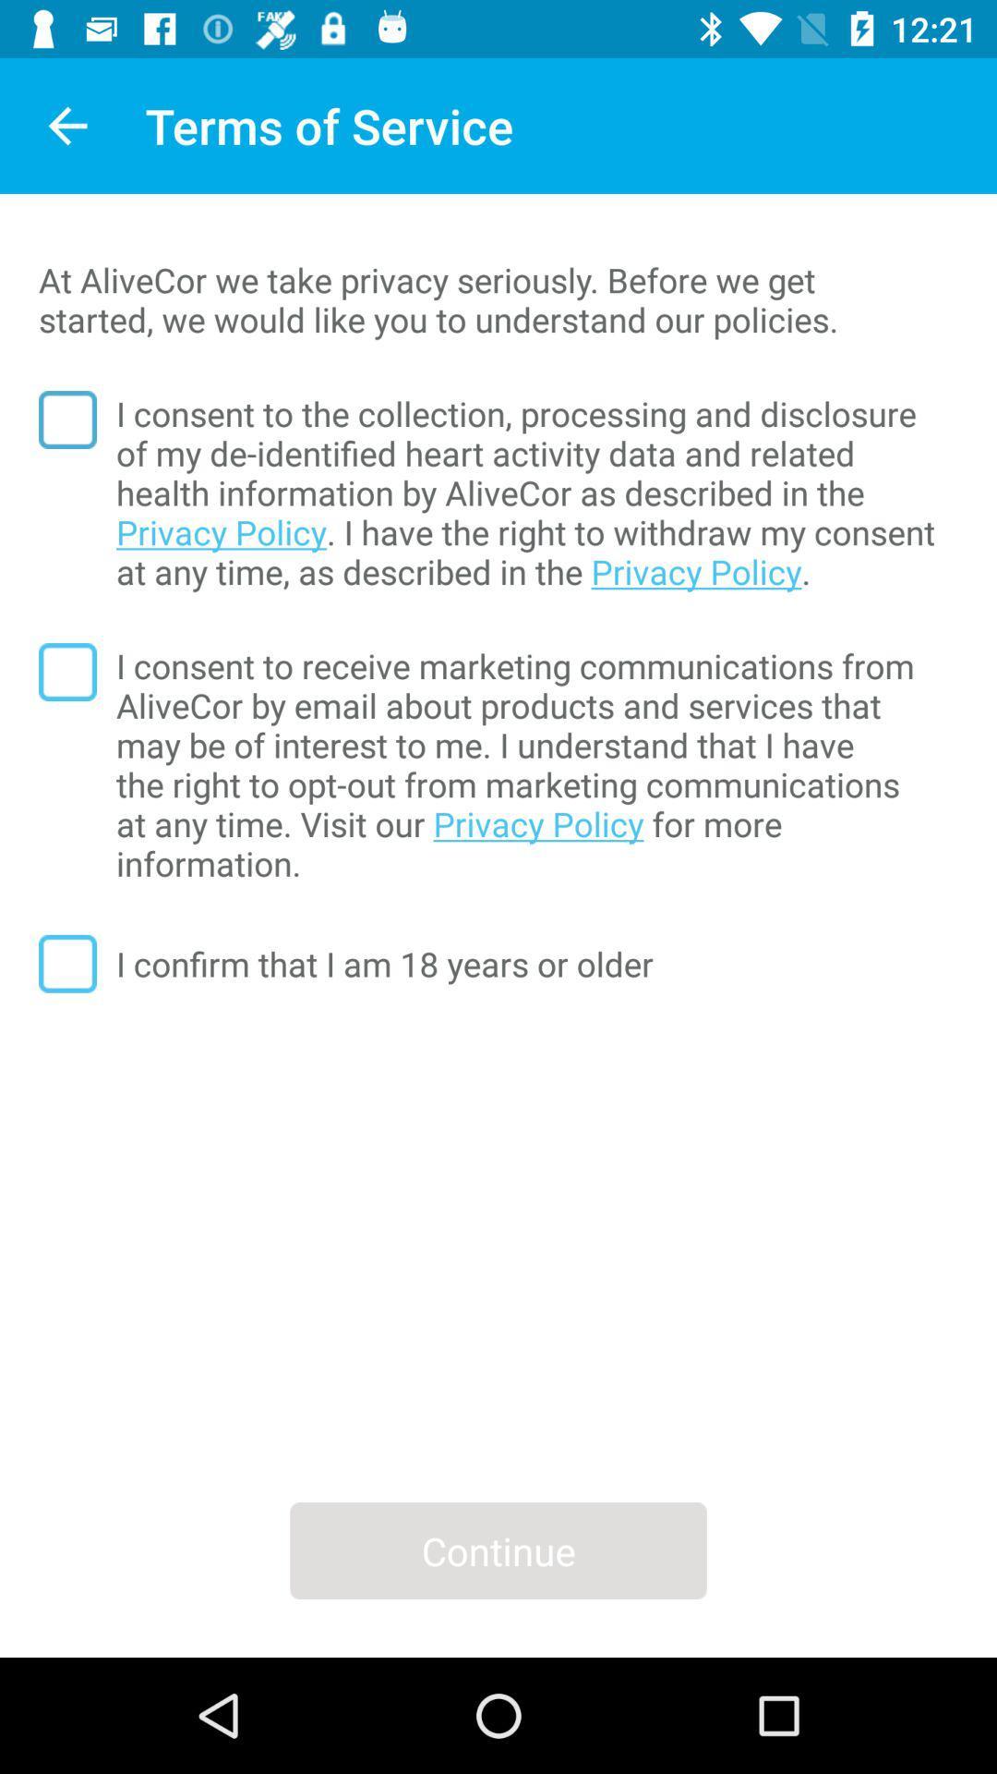 The image size is (997, 1774). Describe the element at coordinates (66, 125) in the screenshot. I see `the app to the left of terms of service icon` at that location.